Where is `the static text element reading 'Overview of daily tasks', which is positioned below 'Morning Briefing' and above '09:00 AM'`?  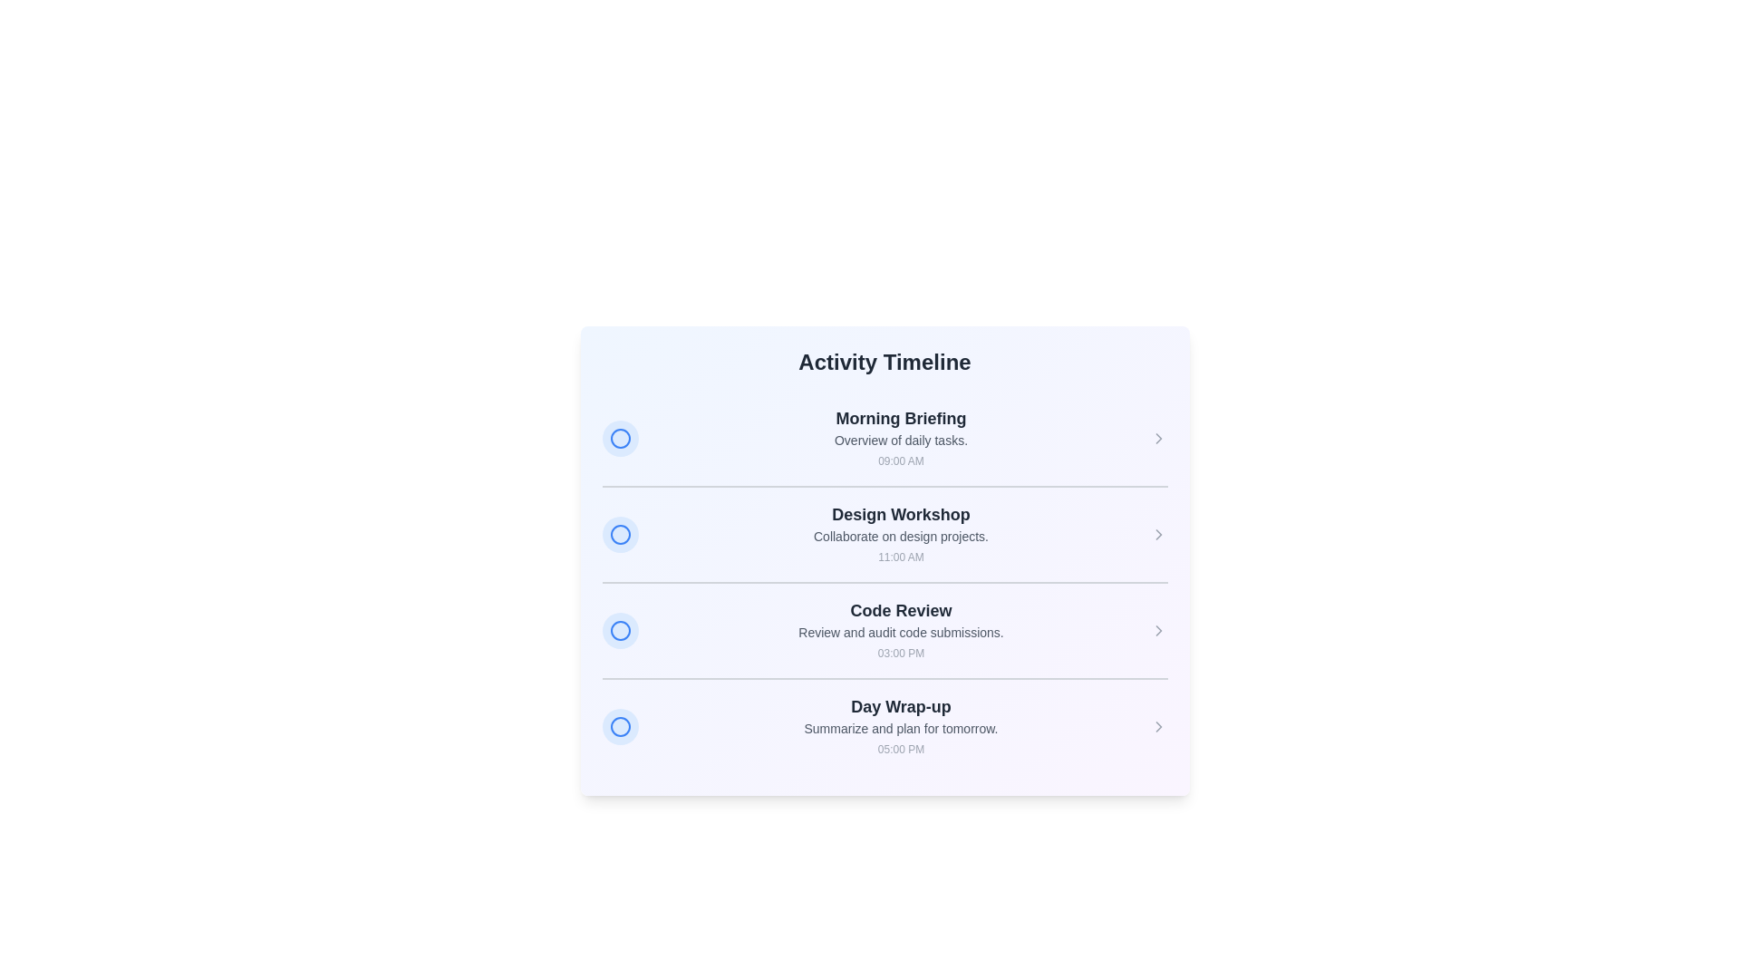
the static text element reading 'Overview of daily tasks', which is positioned below 'Morning Briefing' and above '09:00 AM' is located at coordinates (901, 441).